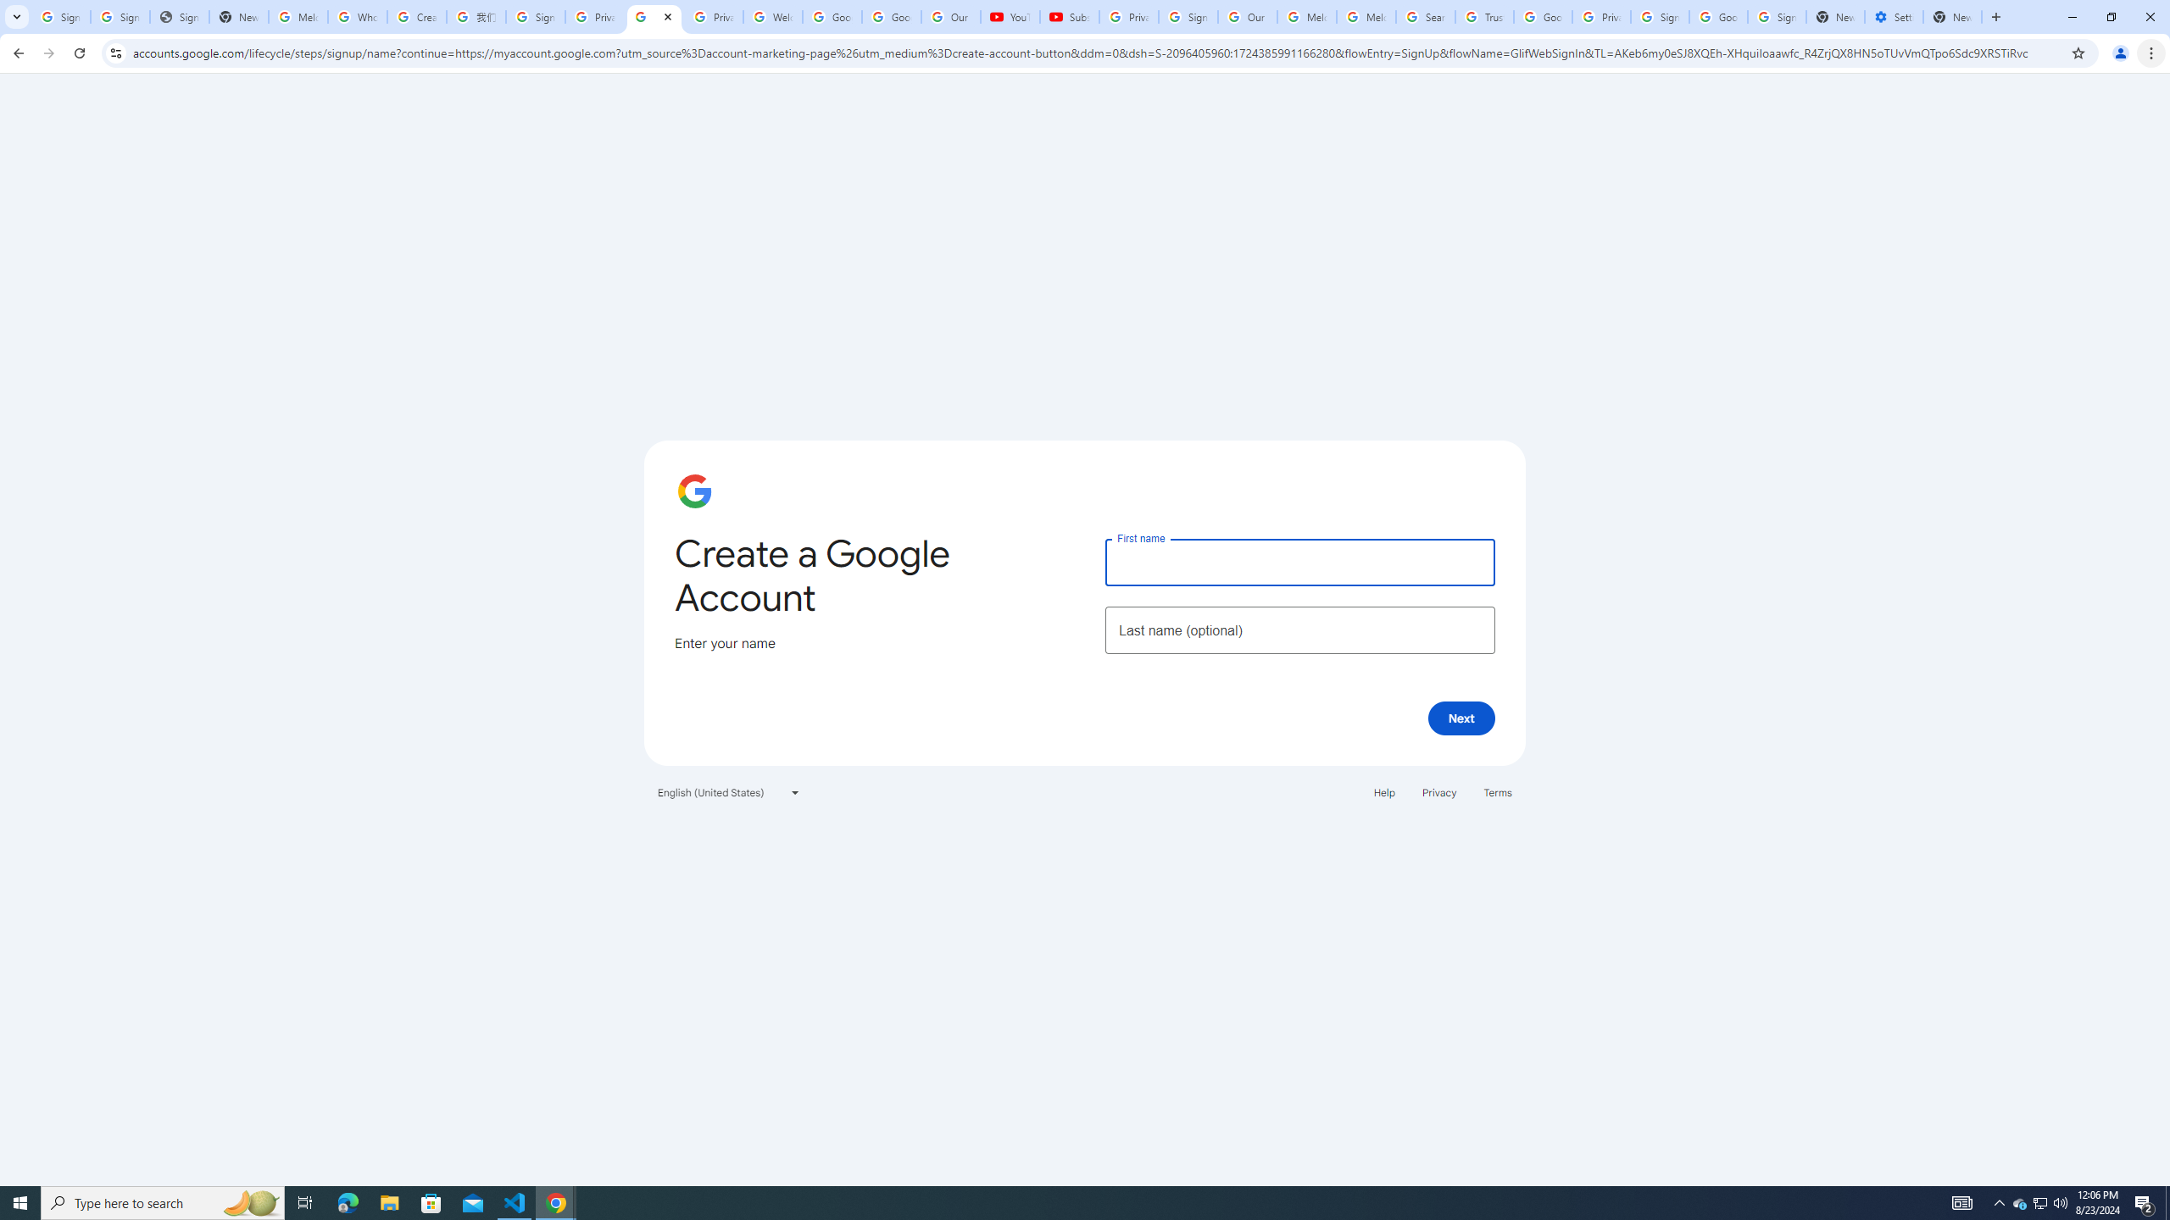 The width and height of the screenshot is (2170, 1220). What do you see at coordinates (1717, 16) in the screenshot?
I see `'Google Cybersecurity Innovations - Google Safety Center'` at bounding box center [1717, 16].